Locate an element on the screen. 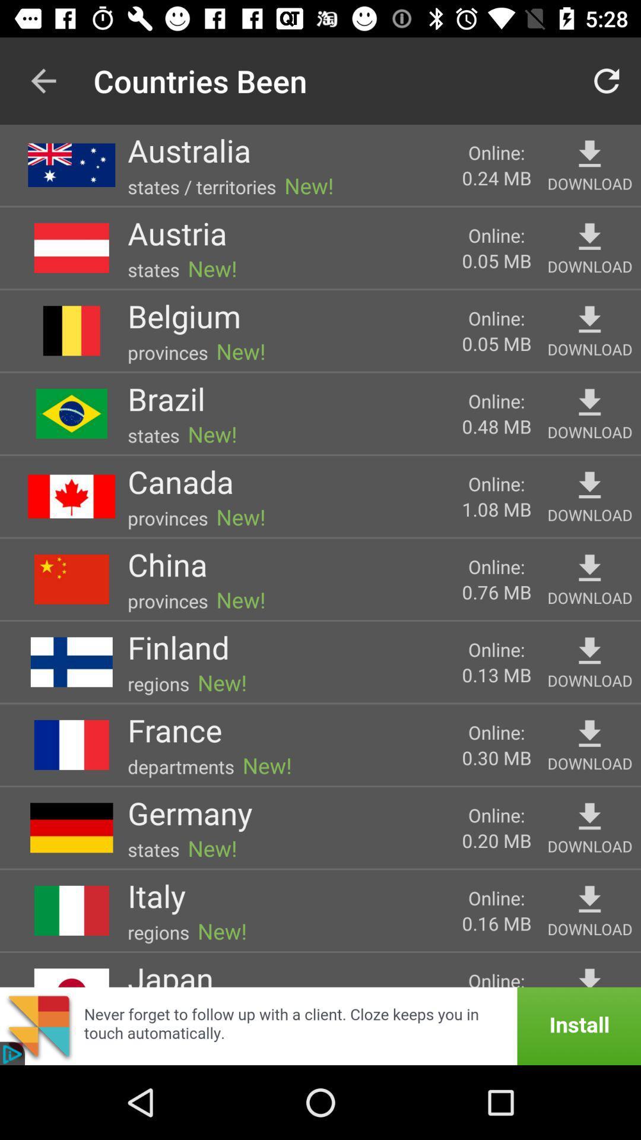 The width and height of the screenshot is (641, 1140). the icon above the new! is located at coordinates (184, 316).